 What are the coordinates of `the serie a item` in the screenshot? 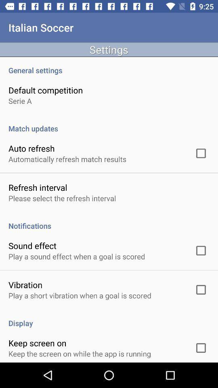 It's located at (20, 100).